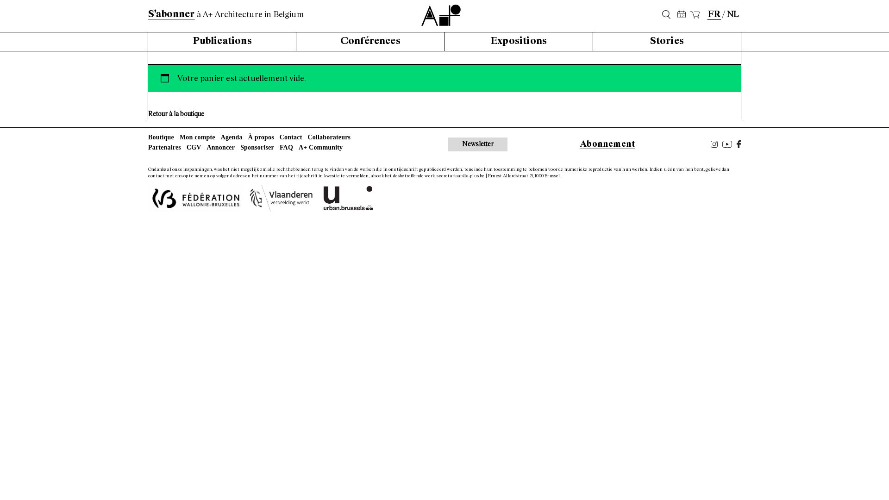 The width and height of the screenshot is (889, 500). I want to click on 'NL', so click(731, 14).